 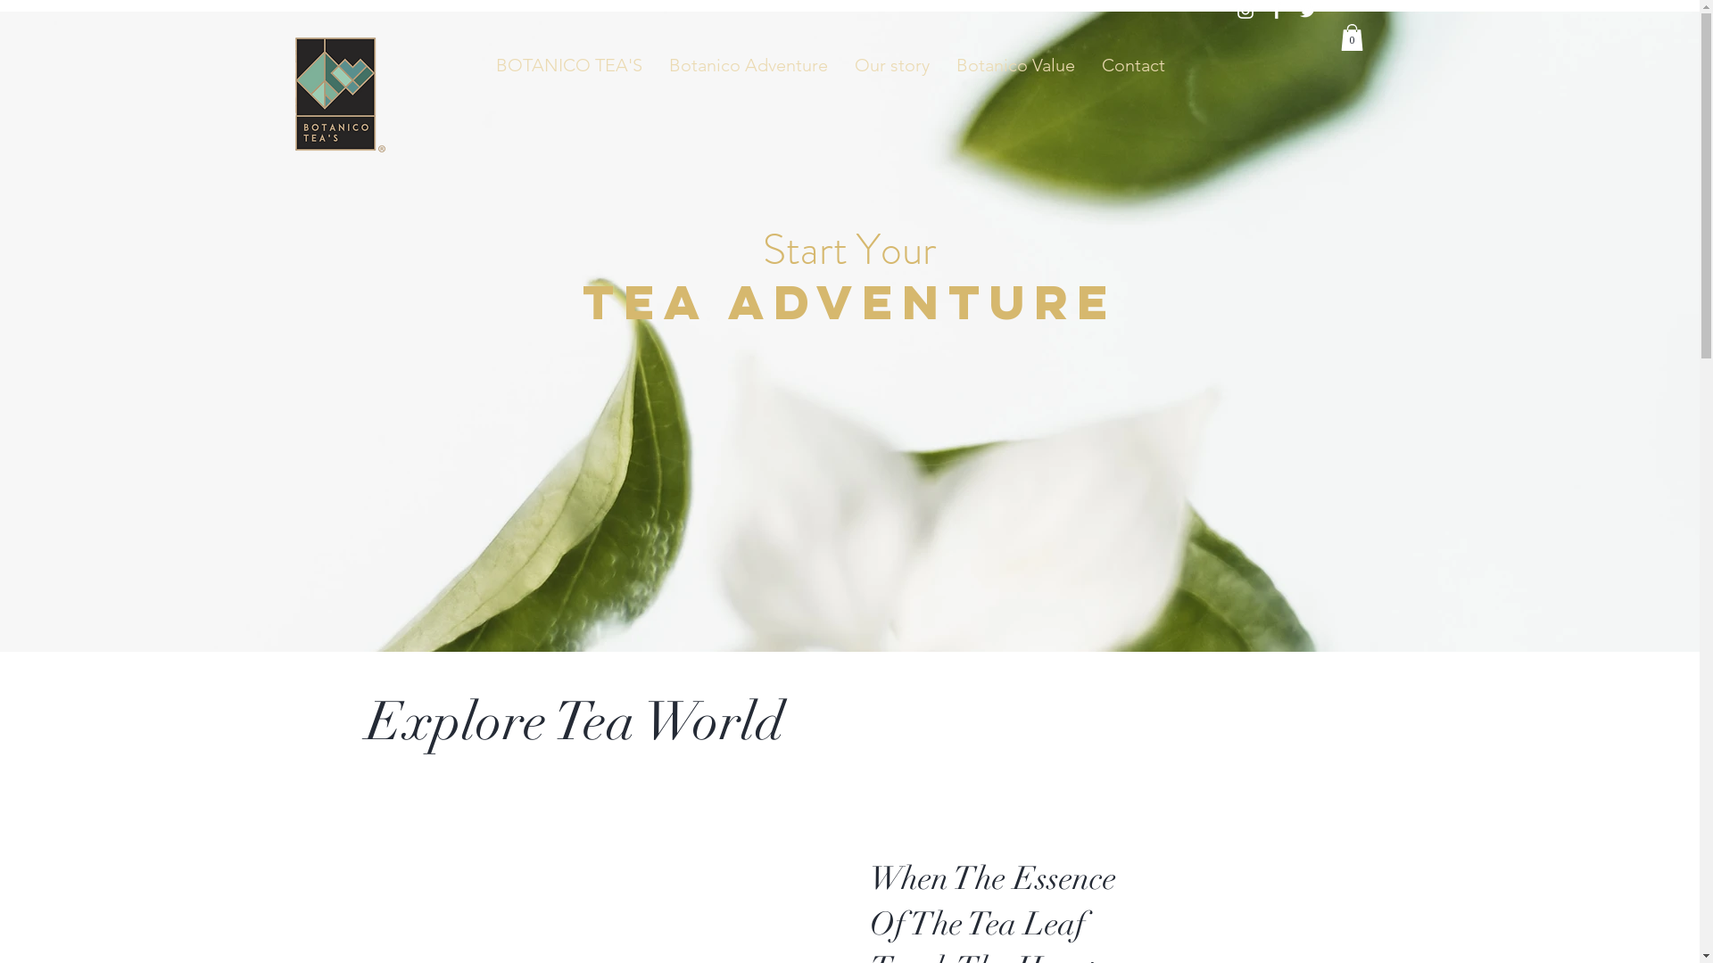 What do you see at coordinates (749, 64) in the screenshot?
I see `'Botanico Adventure'` at bounding box center [749, 64].